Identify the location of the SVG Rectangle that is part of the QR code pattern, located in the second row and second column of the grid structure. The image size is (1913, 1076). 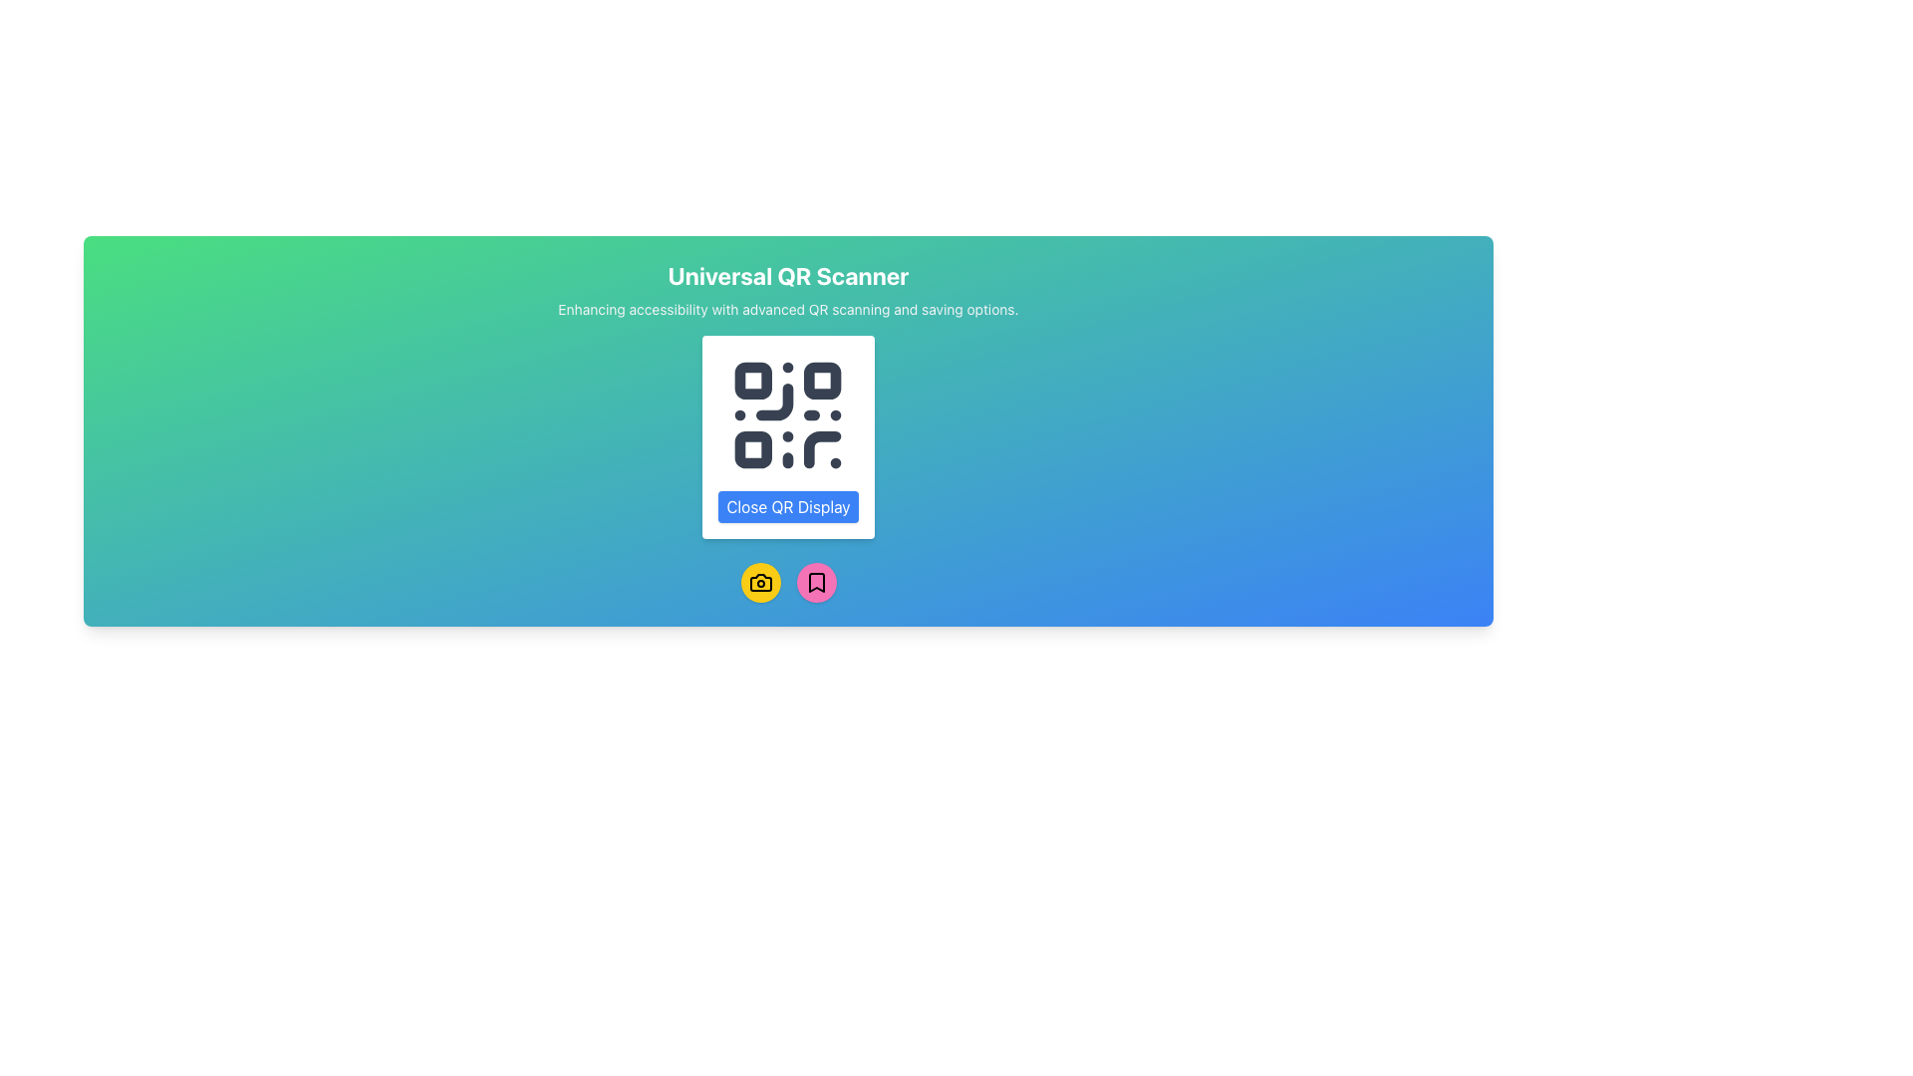
(823, 381).